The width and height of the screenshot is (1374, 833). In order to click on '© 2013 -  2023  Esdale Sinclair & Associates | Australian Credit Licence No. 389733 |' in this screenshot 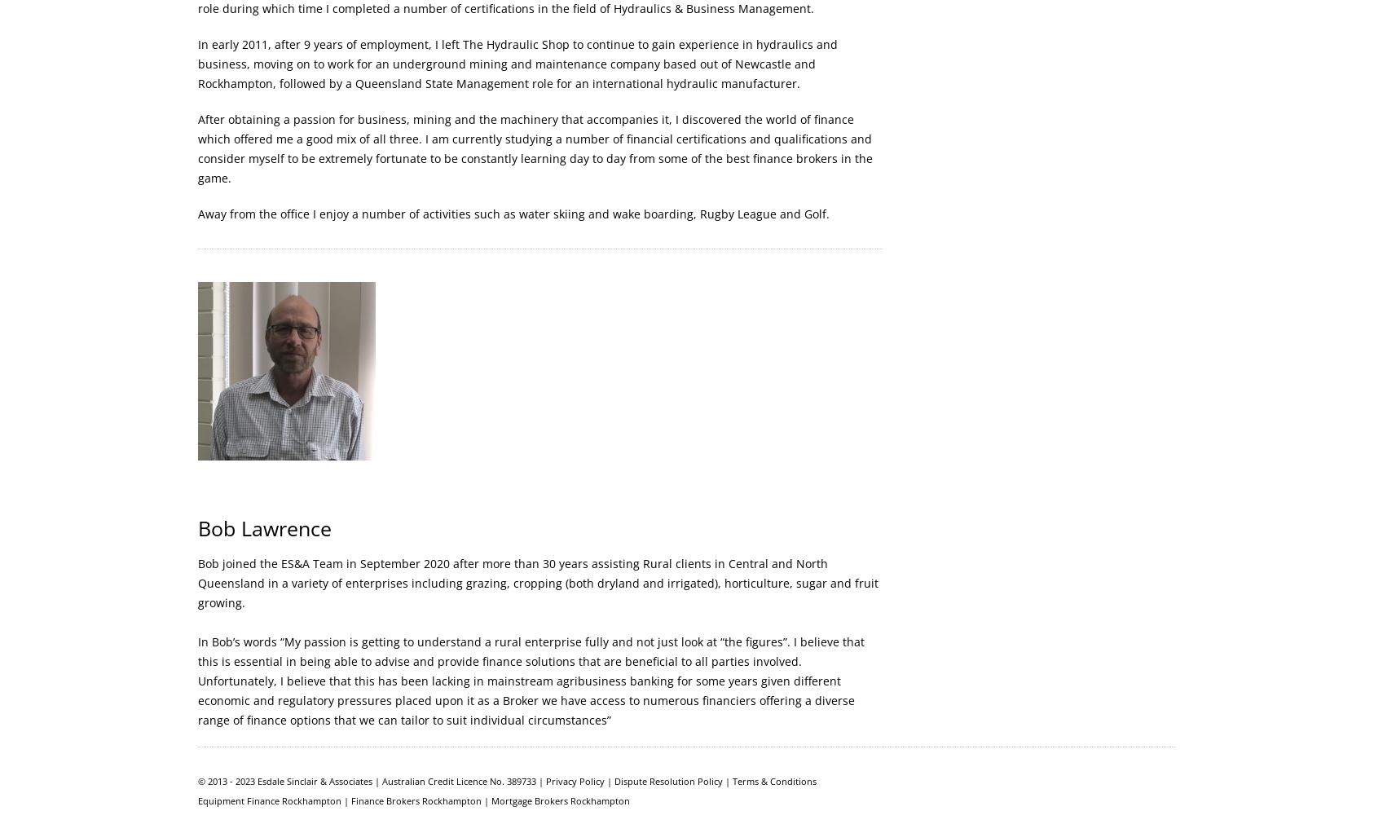, I will do `click(372, 780)`.